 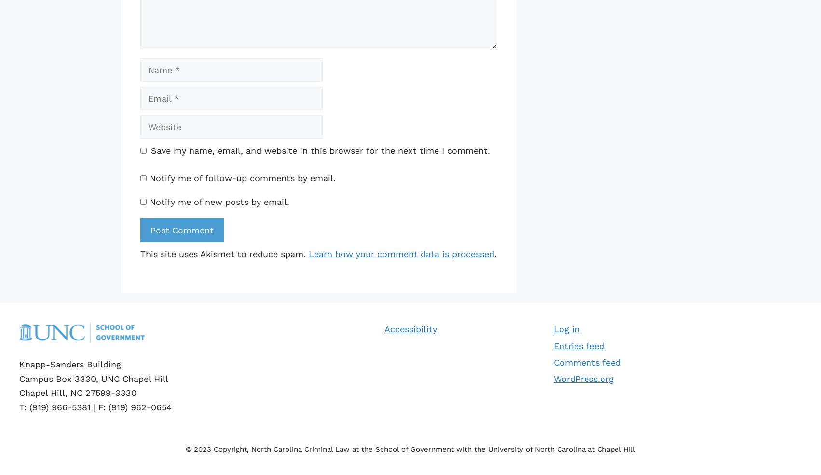 I want to click on 'T: (919) 966-5381 | F: (919) 962-0654', so click(x=19, y=406).